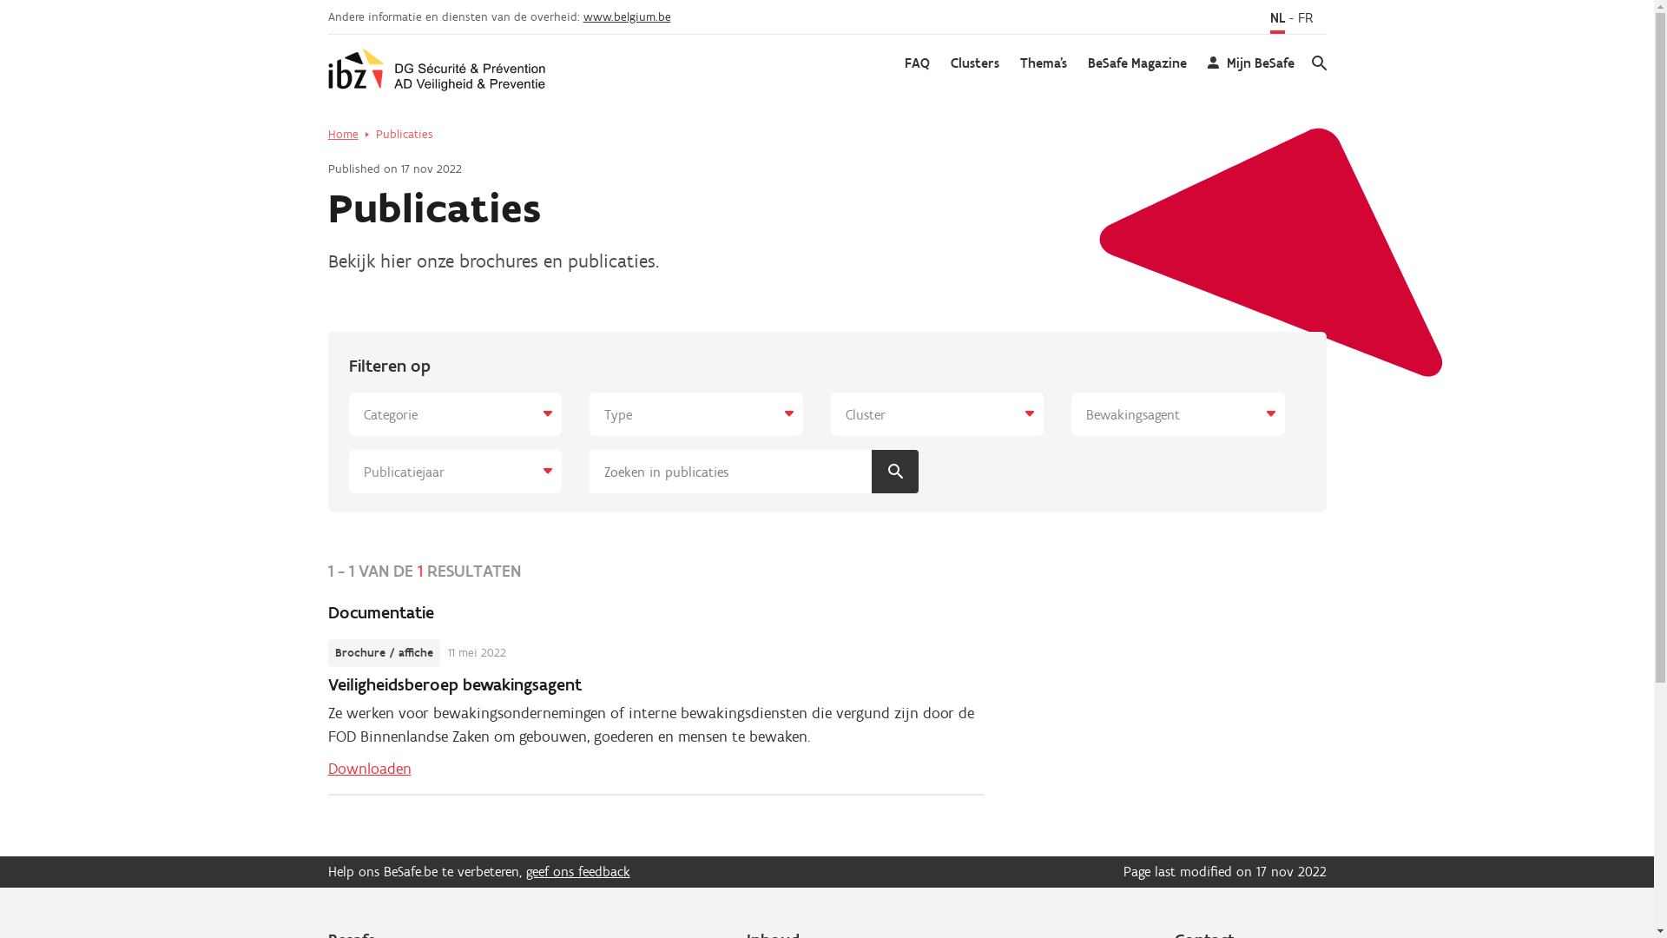  Describe the element at coordinates (328, 767) in the screenshot. I see `'Downloaden'` at that location.